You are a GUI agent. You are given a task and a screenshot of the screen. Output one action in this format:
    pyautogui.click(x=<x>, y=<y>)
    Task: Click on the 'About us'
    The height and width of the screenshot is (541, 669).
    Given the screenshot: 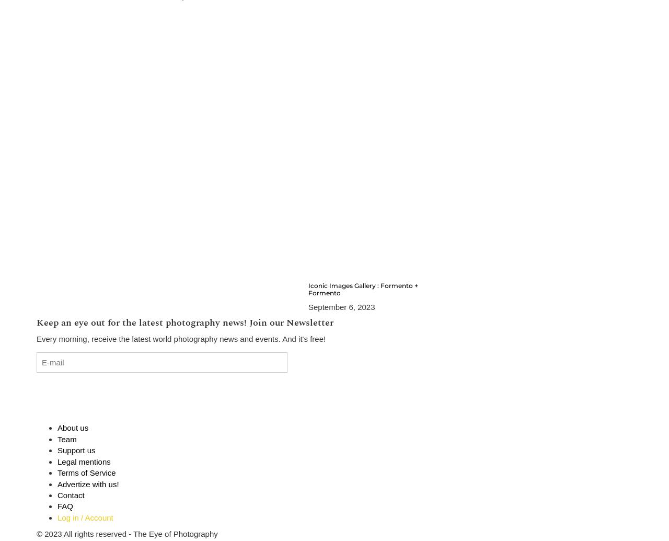 What is the action you would take?
    pyautogui.click(x=72, y=427)
    